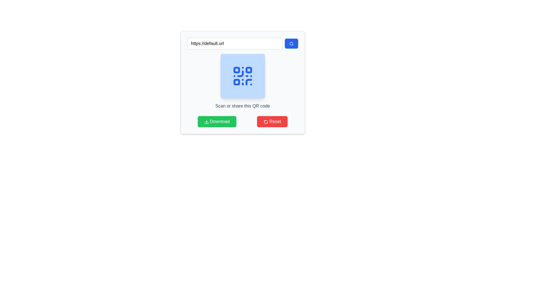 The width and height of the screenshot is (534, 300). Describe the element at coordinates (248, 70) in the screenshot. I see `the small blue square with slightly rounded corners located in the upper right quadrant of the QR code` at that location.